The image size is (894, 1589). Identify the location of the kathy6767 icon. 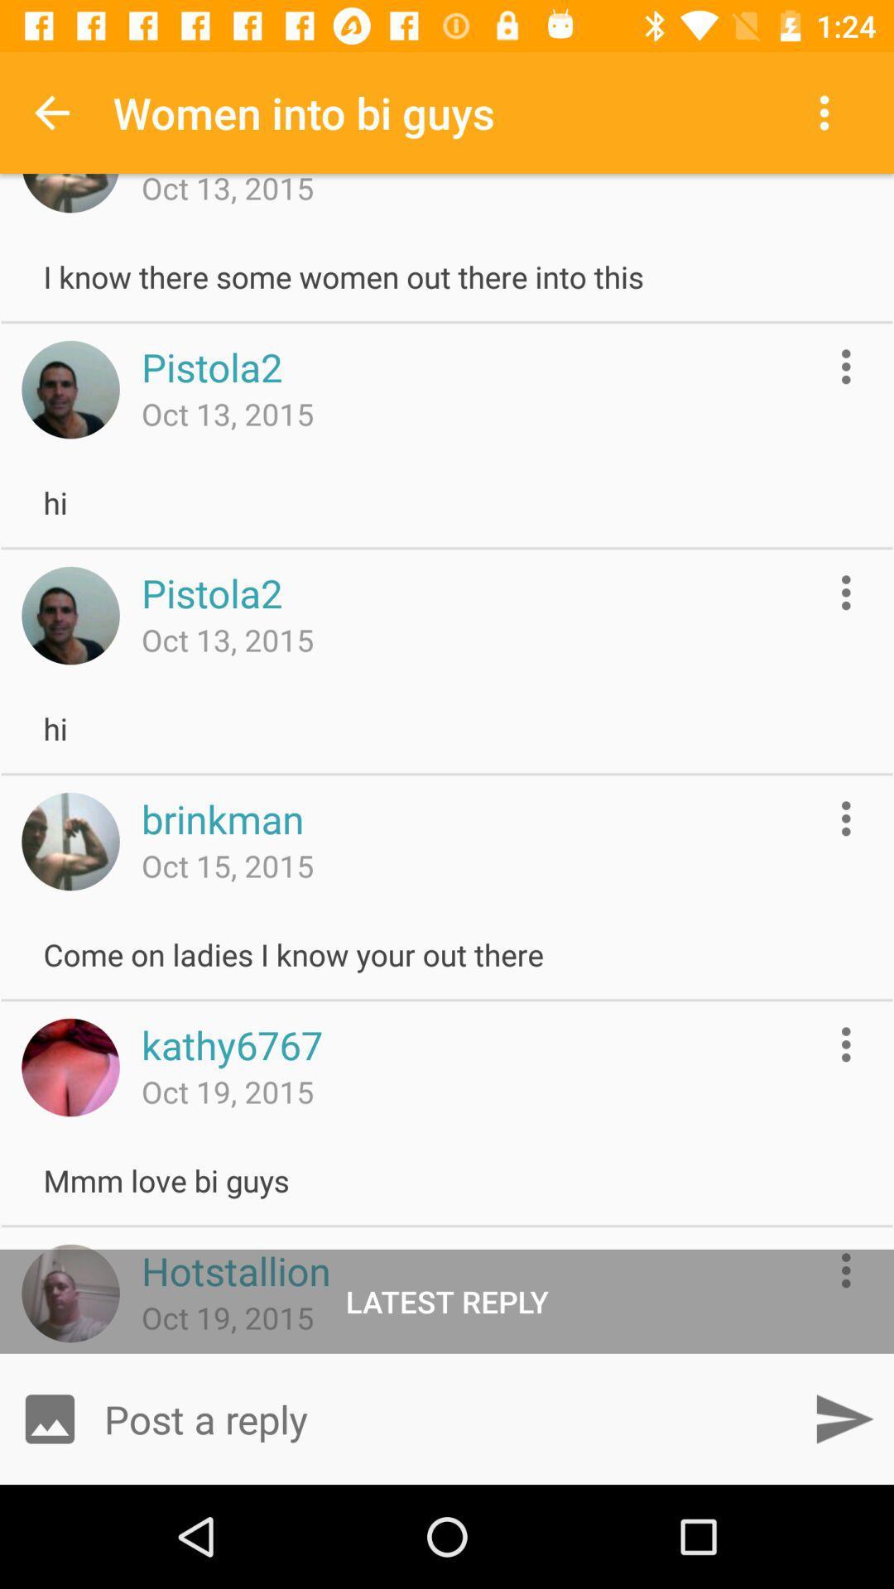
(232, 1044).